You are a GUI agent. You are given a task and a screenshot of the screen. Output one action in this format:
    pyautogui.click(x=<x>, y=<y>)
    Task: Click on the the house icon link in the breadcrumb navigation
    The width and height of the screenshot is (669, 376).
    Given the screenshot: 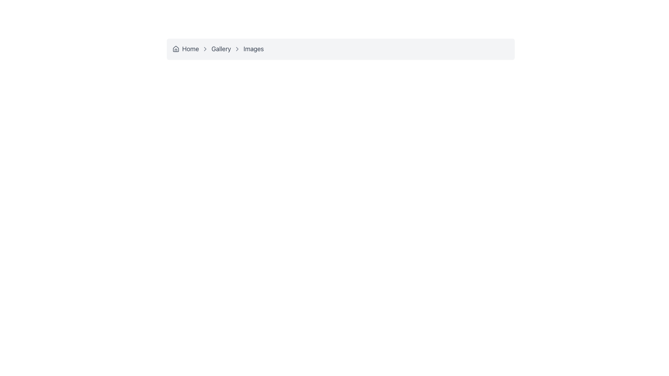 What is the action you would take?
    pyautogui.click(x=176, y=49)
    